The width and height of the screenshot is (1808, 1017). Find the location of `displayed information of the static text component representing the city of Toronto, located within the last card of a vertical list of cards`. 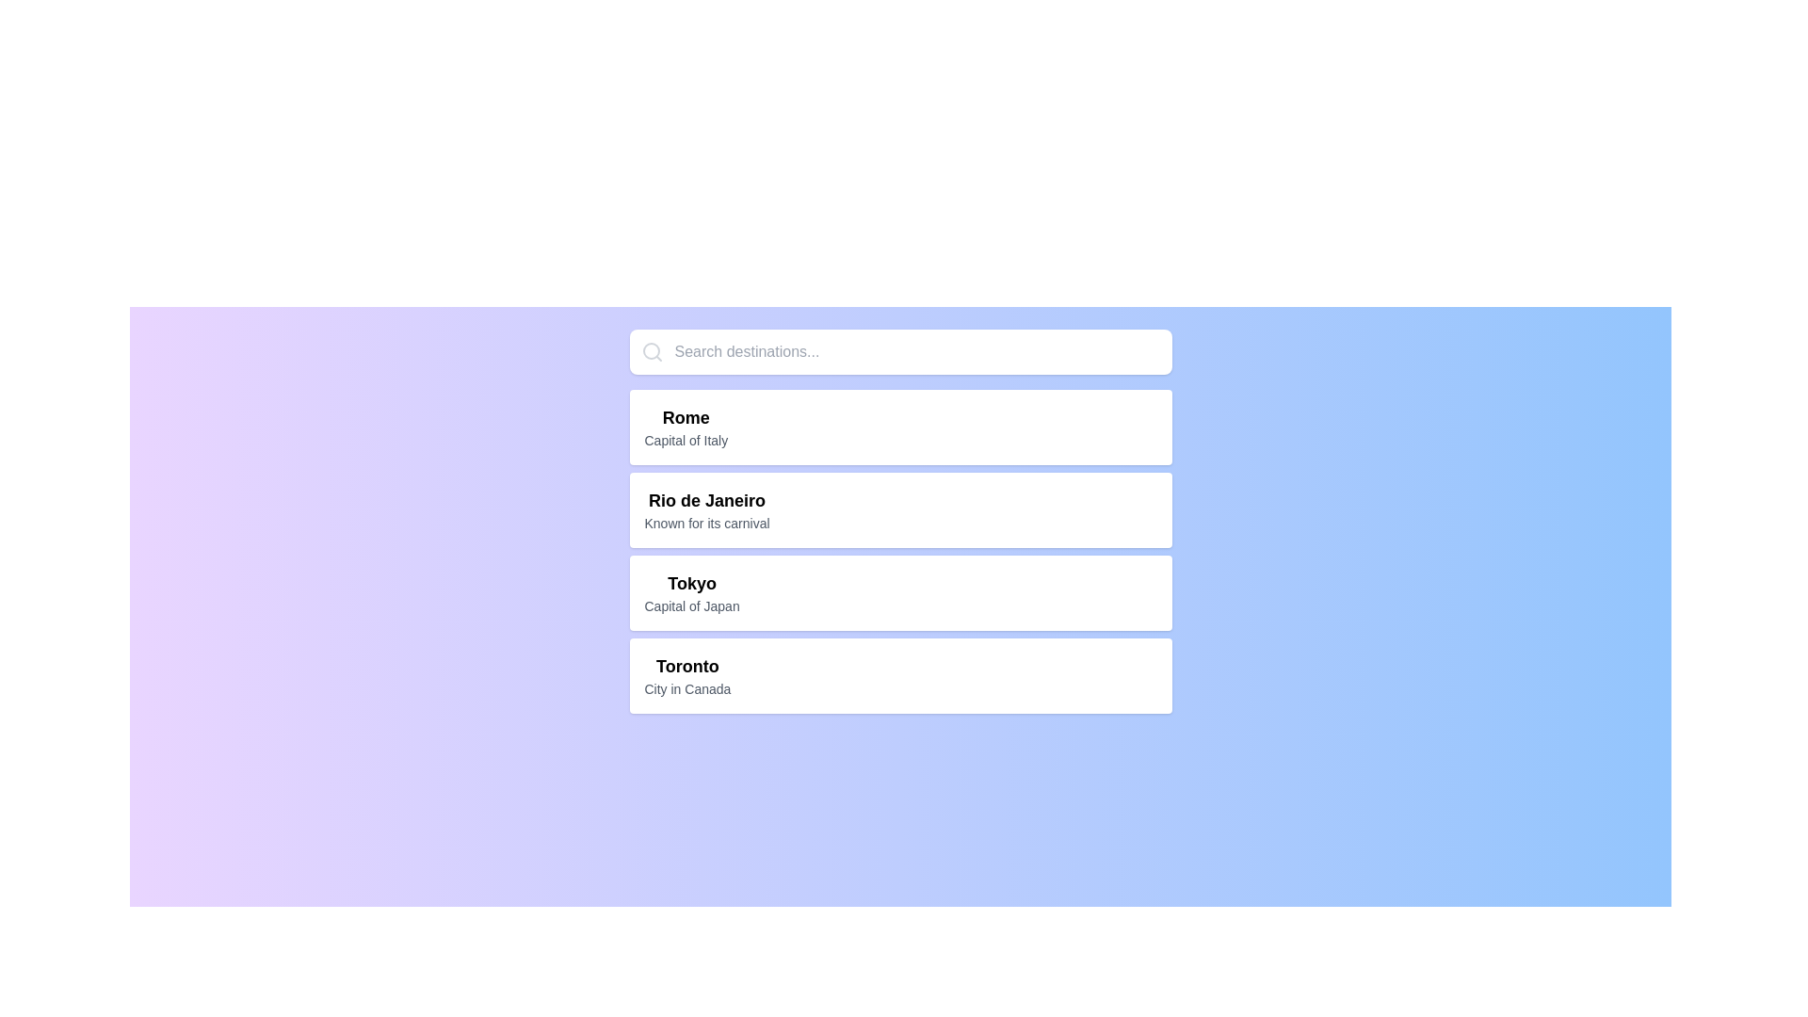

displayed information of the static text component representing the city of Toronto, located within the last card of a vertical list of cards is located at coordinates (686, 674).